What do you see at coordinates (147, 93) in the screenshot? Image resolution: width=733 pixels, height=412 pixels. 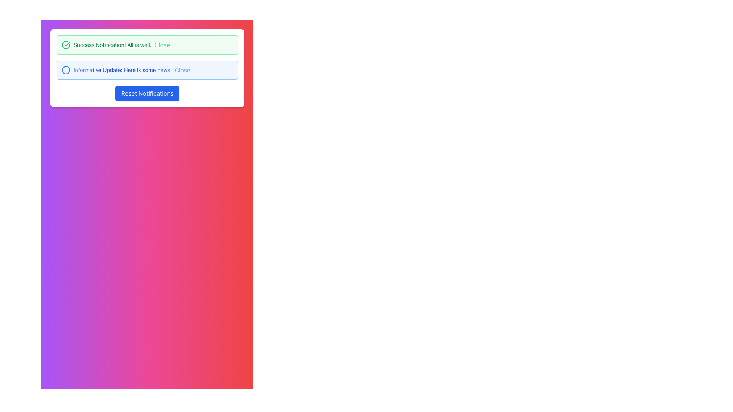 I see `the rectangular button with a blue background and white text labeled 'Reset Notifications' located at the bottom of the vertical layout to reset notifications` at bounding box center [147, 93].